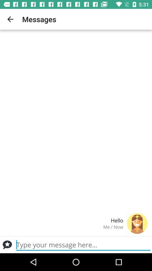 Image resolution: width=152 pixels, height=271 pixels. I want to click on click off advertisement, so click(7, 244).